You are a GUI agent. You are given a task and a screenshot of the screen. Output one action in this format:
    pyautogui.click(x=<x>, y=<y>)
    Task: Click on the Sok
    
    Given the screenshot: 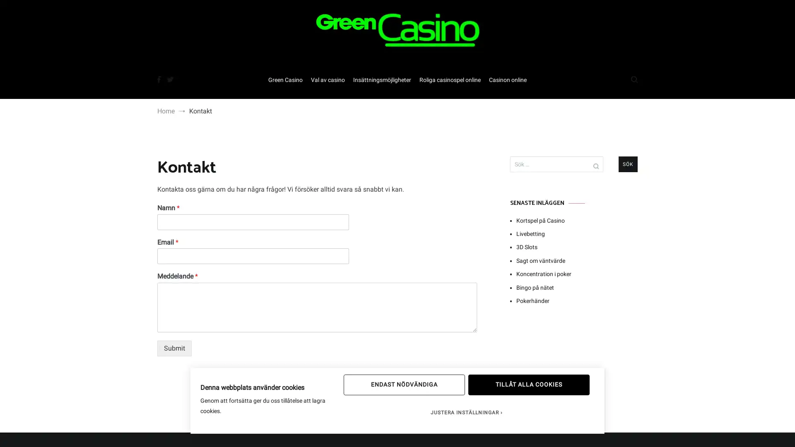 What is the action you would take?
    pyautogui.click(x=628, y=164)
    